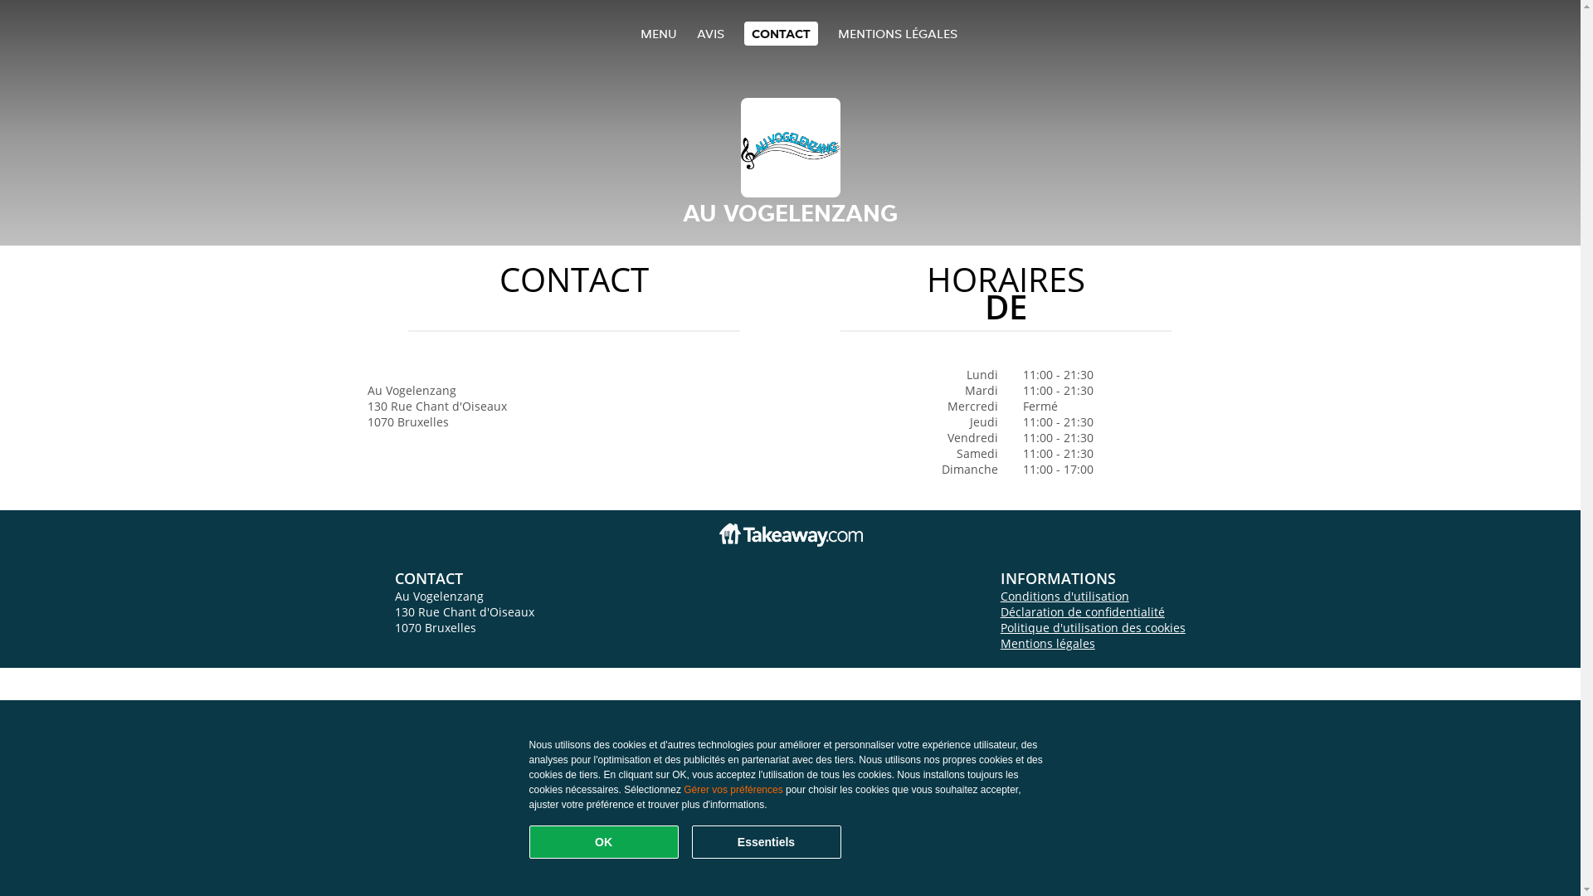  Describe the element at coordinates (640, 33) in the screenshot. I see `'MENU'` at that location.